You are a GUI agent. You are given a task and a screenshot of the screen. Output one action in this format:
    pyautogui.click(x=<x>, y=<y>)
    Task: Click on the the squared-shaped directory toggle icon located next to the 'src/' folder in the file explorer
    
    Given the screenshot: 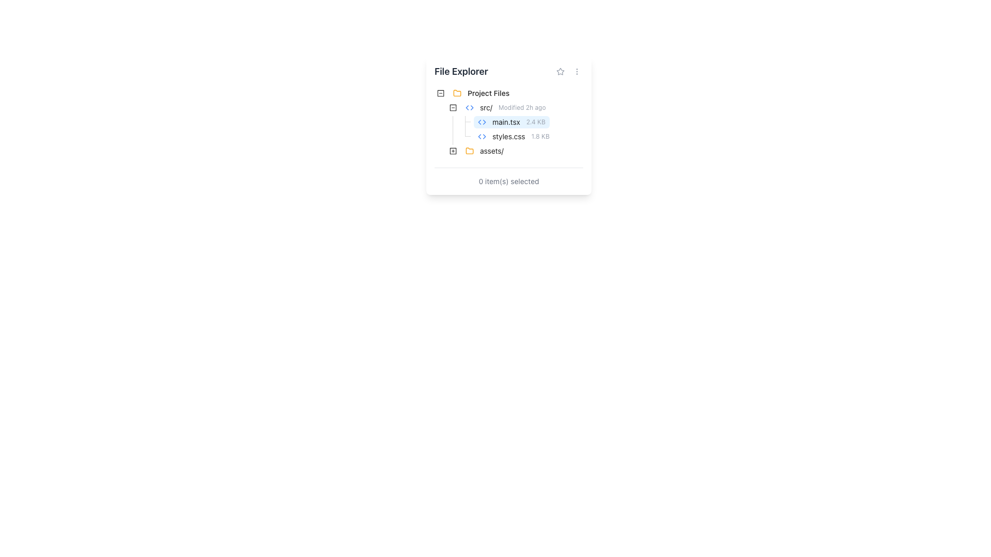 What is the action you would take?
    pyautogui.click(x=453, y=107)
    